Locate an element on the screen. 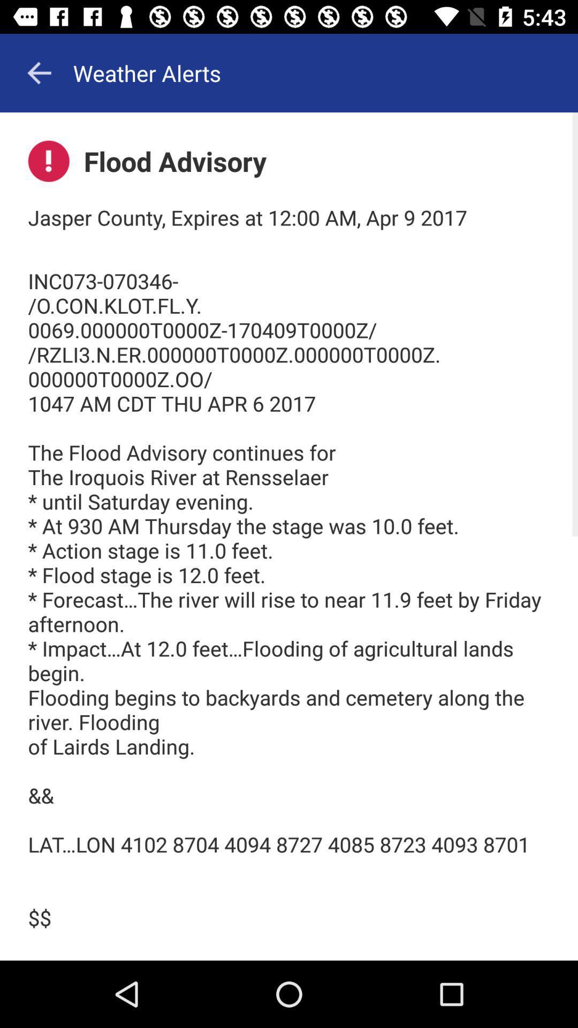 This screenshot has height=1028, width=578. item next to the weather alerts is located at coordinates (39, 72).